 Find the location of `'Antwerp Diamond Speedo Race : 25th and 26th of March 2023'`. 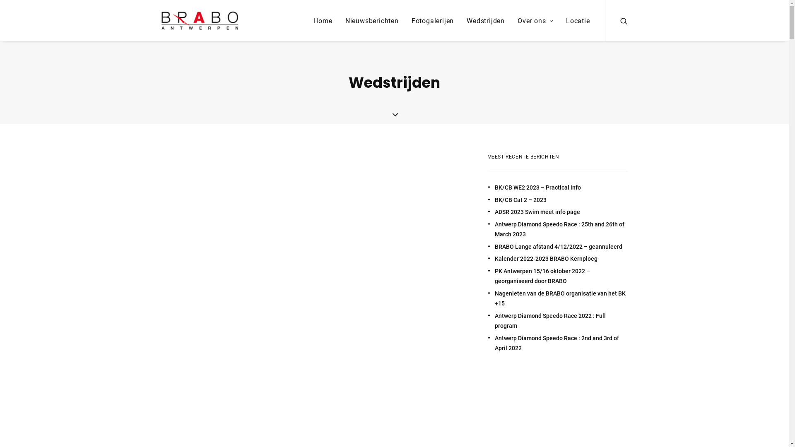

'Antwerp Diamond Speedo Race : 25th and 26th of March 2023' is located at coordinates (561, 229).